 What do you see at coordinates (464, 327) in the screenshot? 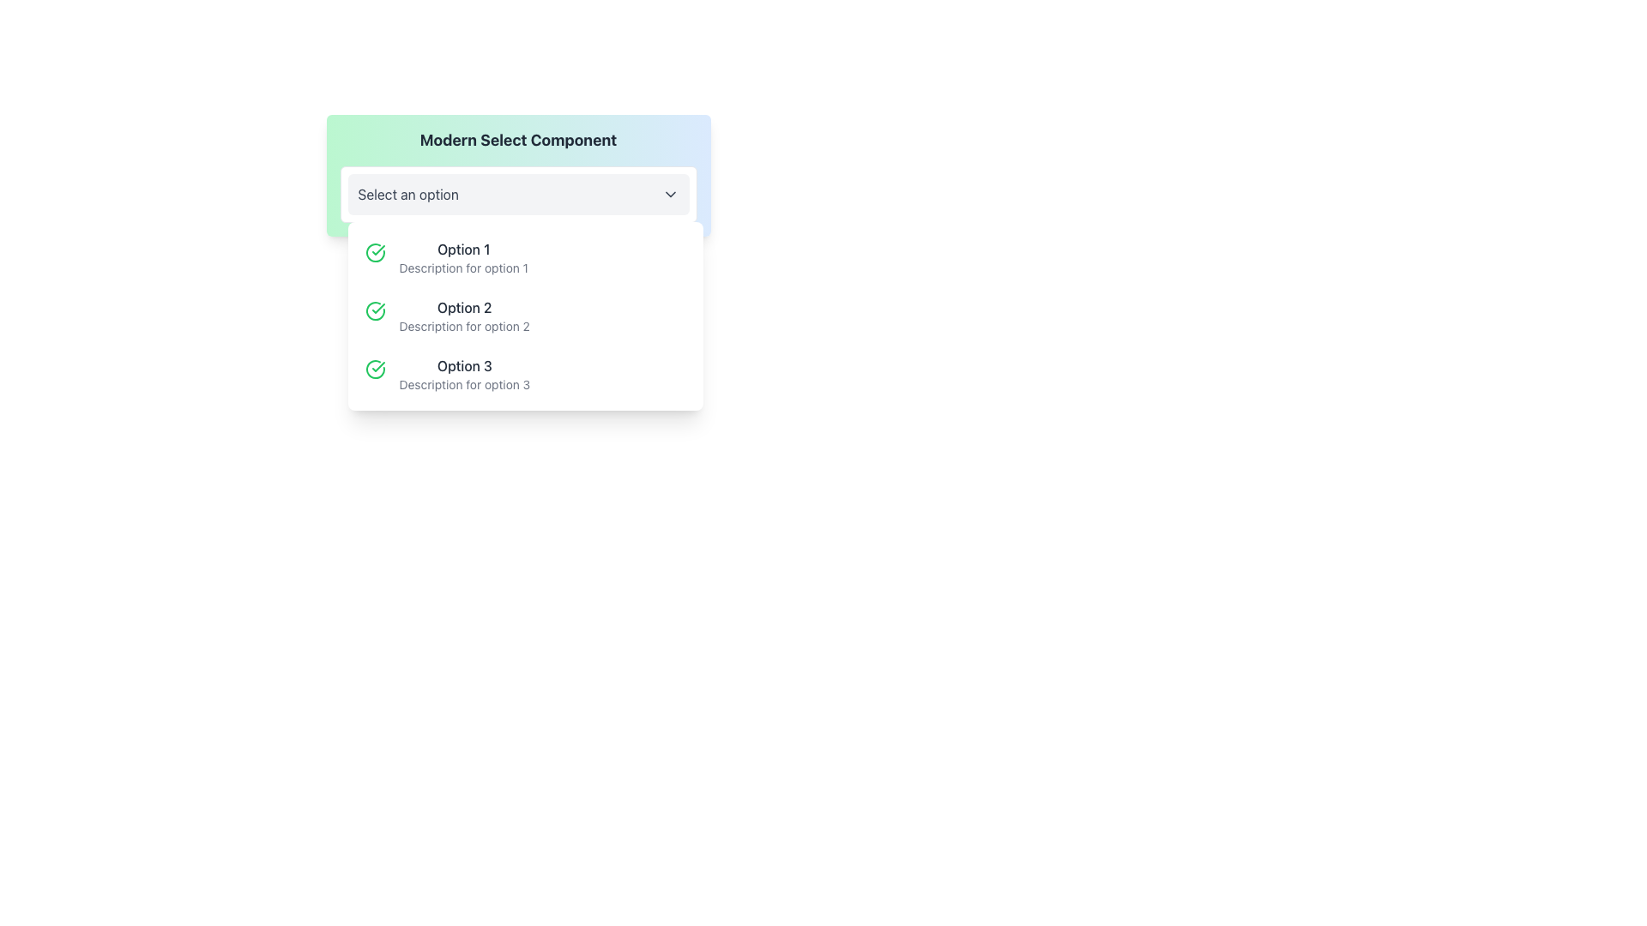
I see `the text label that provides a description for 'Option 2' in the dropdown menu, located below 'Option 2'` at bounding box center [464, 327].